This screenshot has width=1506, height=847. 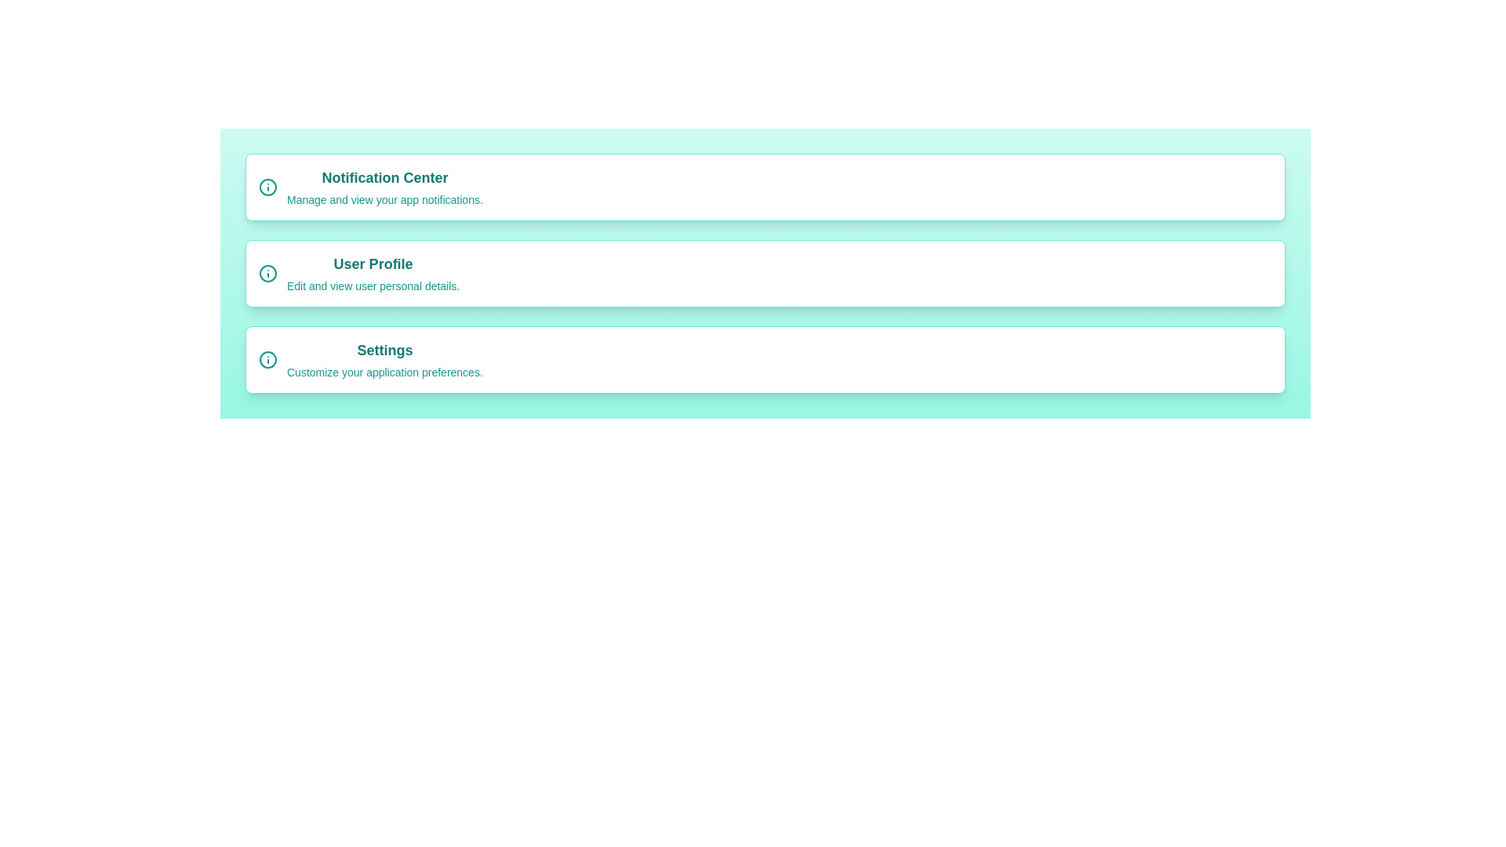 I want to click on the 'User Profile' text block, which features a bold teal title and a lighter teal subtitle, centrally positioned within the second card of a three-card stack, so click(x=373, y=272).